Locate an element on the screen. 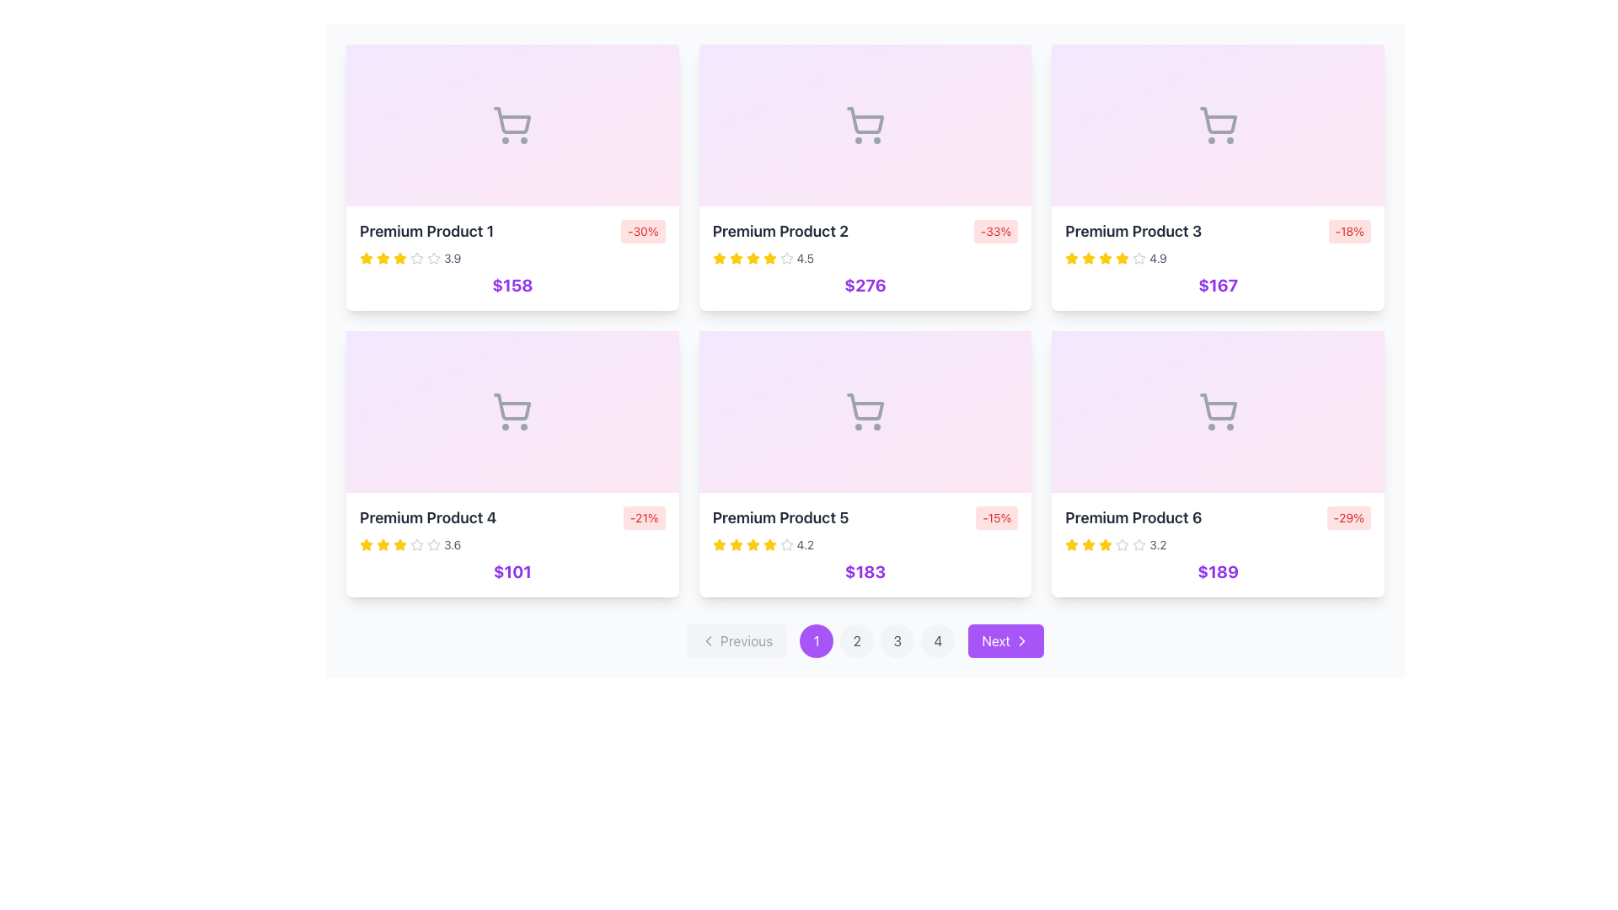 The image size is (1618, 910). the first Rating star icon in the 'Premium Product 4' card, which indicates part of a five-star rating system and is located in the second row, first column of the grid is located at coordinates (366, 545).